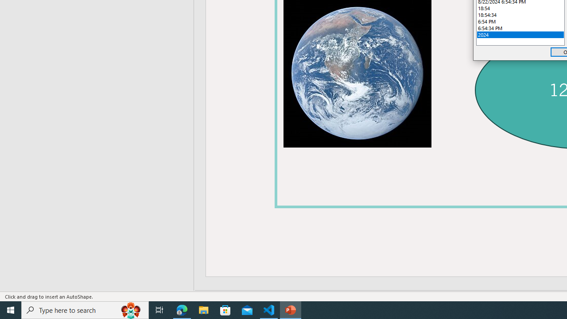  Describe the element at coordinates (182, 309) in the screenshot. I see `'Microsoft Edge - 1 running window'` at that location.